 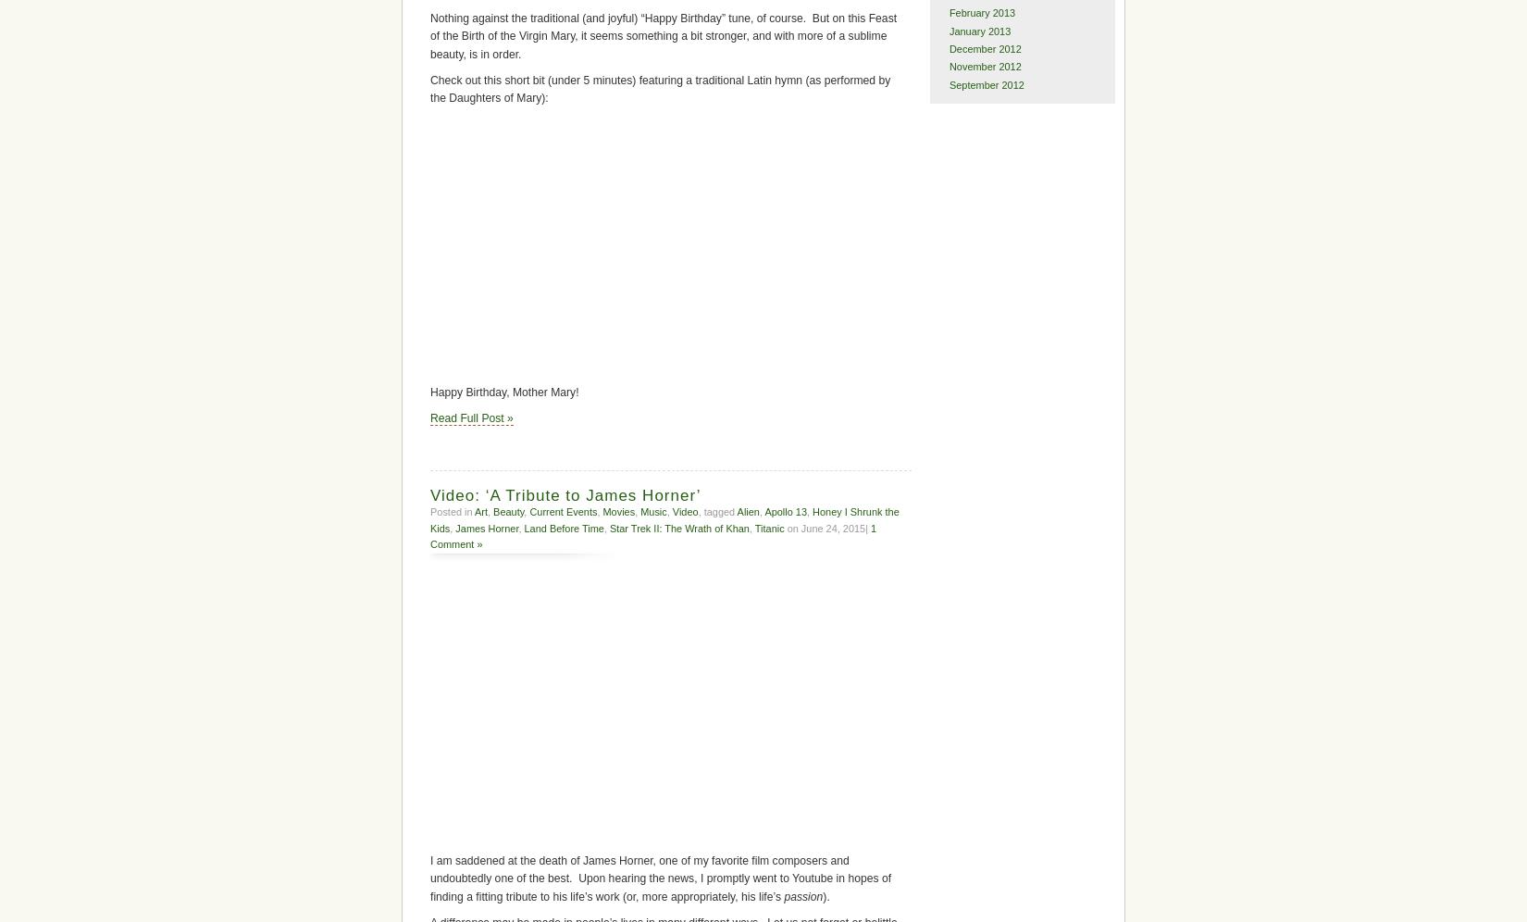 What do you see at coordinates (428, 518) in the screenshot?
I see `'Honey I Shrunk the Kids'` at bounding box center [428, 518].